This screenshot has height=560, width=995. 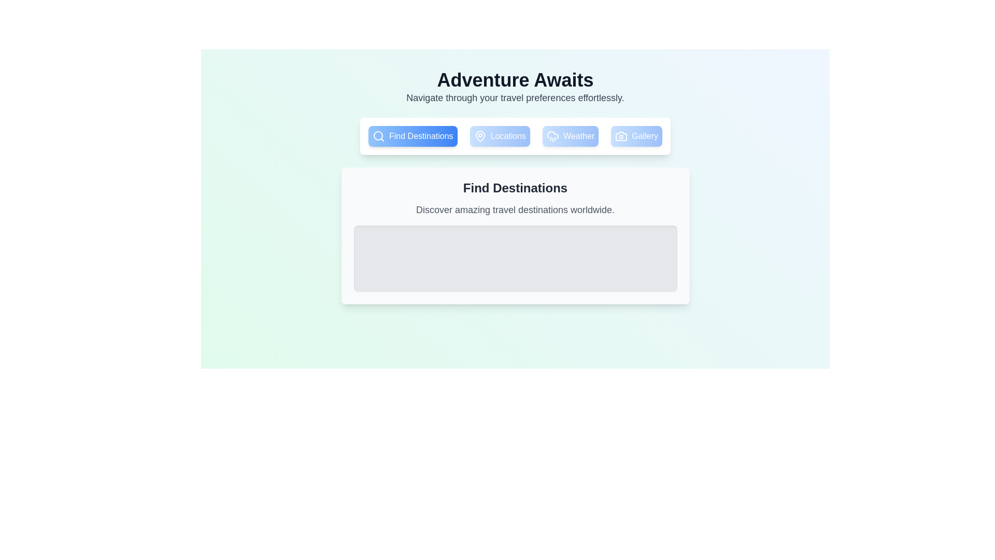 What do you see at coordinates (412, 135) in the screenshot?
I see `the tab labeled Find Destinations` at bounding box center [412, 135].